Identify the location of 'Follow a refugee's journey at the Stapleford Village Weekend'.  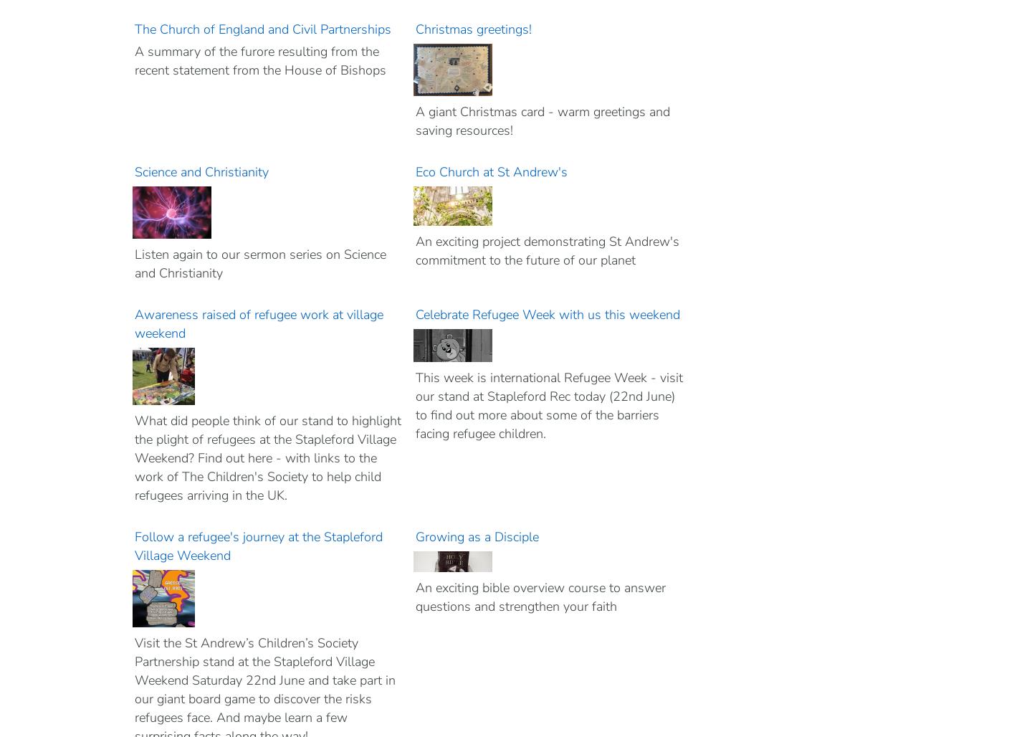
(258, 545).